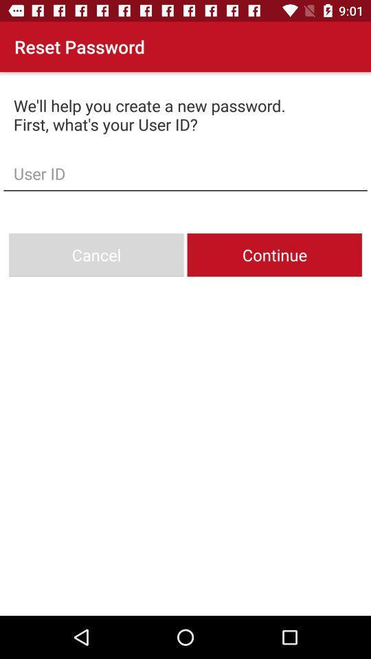 The width and height of the screenshot is (371, 659). I want to click on the icon next to cancel, so click(274, 254).